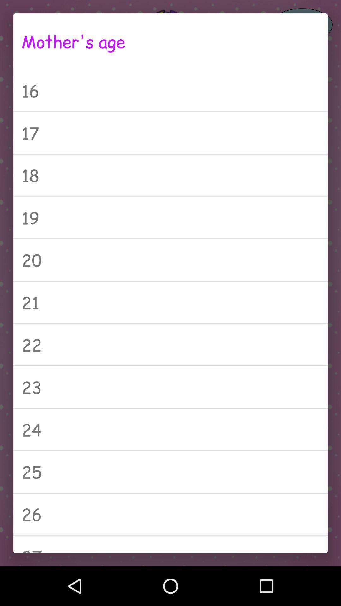 This screenshot has width=341, height=606. Describe the element at coordinates (170, 217) in the screenshot. I see `the 19 item` at that location.